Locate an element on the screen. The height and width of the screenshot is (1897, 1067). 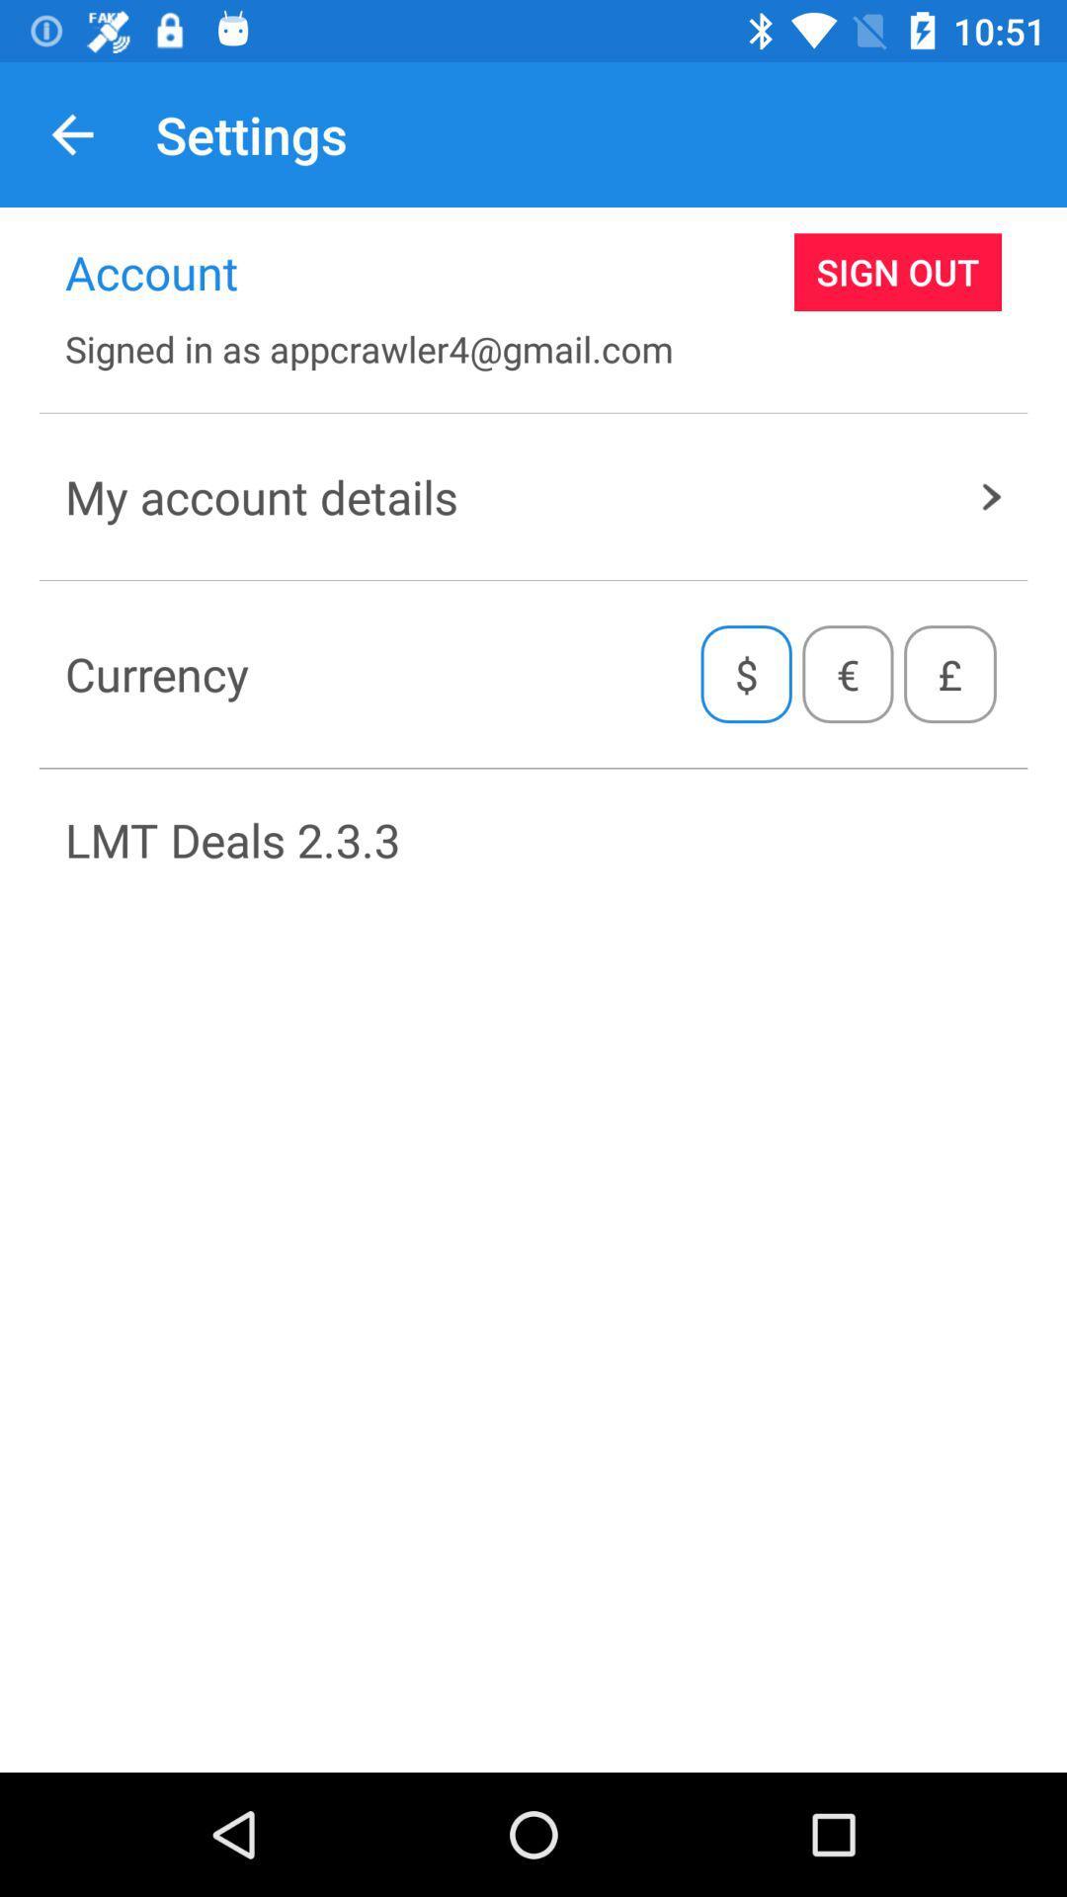
app next to the settings item is located at coordinates (71, 133).